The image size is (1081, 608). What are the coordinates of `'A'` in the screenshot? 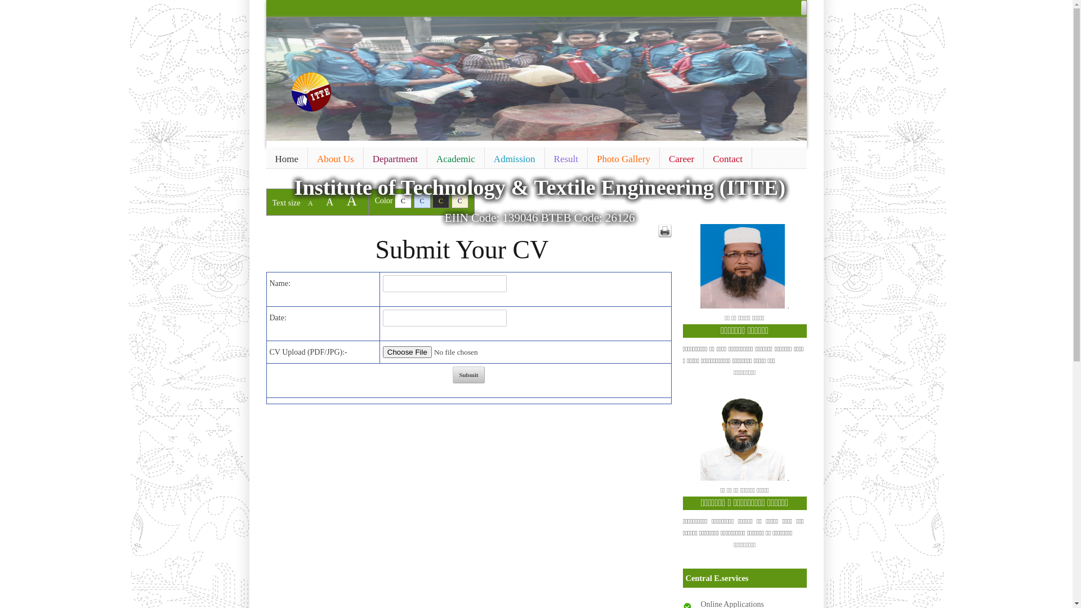 It's located at (329, 201).